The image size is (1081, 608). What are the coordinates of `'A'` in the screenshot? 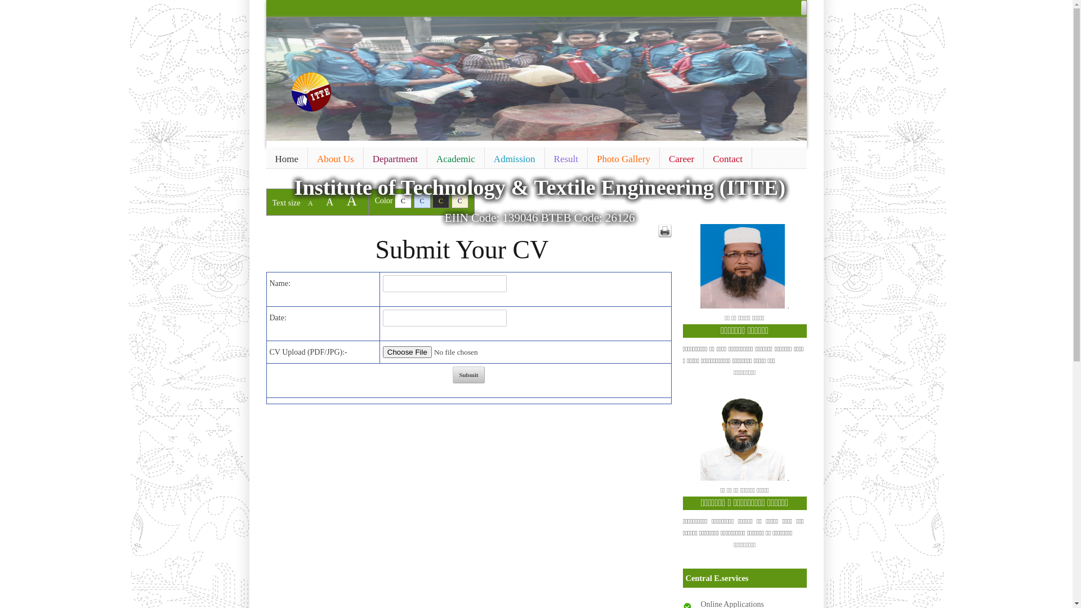 It's located at (329, 201).